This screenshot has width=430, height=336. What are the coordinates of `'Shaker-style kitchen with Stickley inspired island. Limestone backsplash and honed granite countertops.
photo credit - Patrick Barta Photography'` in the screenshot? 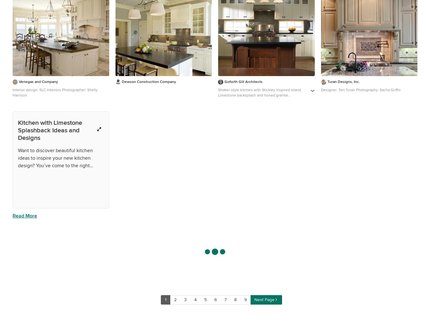 It's located at (260, 98).